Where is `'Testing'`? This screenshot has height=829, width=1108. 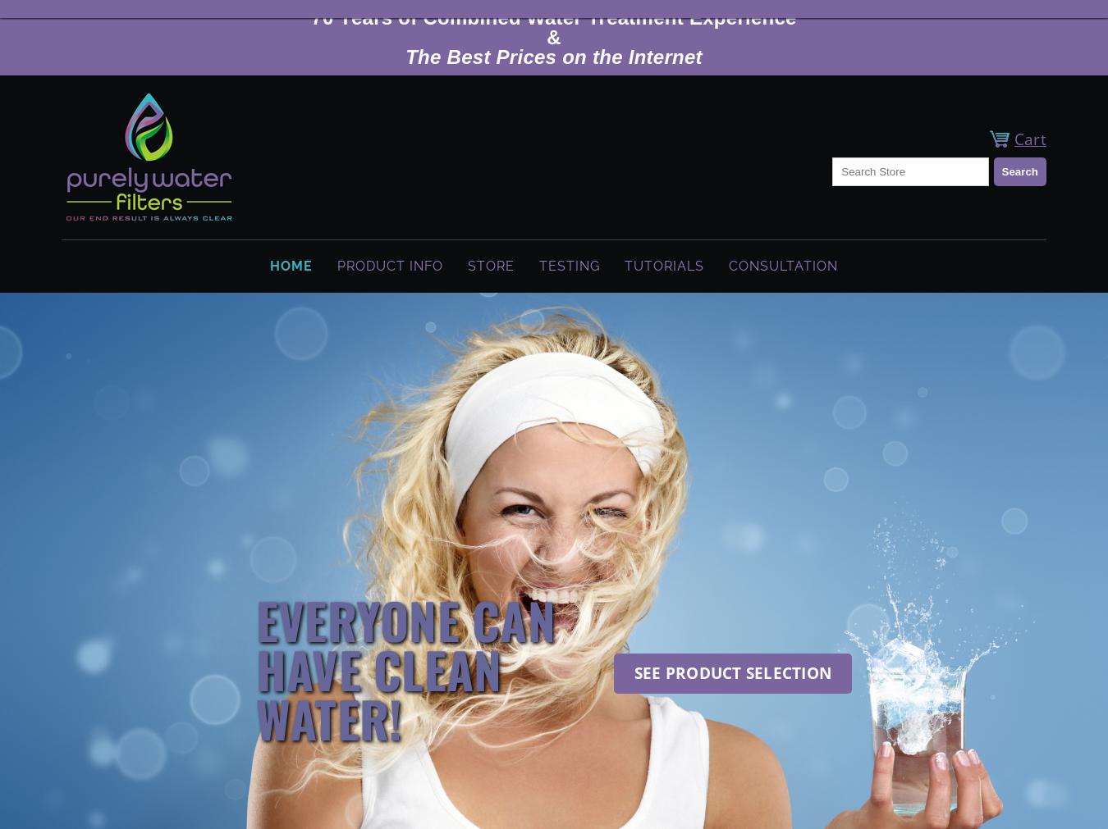 'Testing' is located at coordinates (569, 266).